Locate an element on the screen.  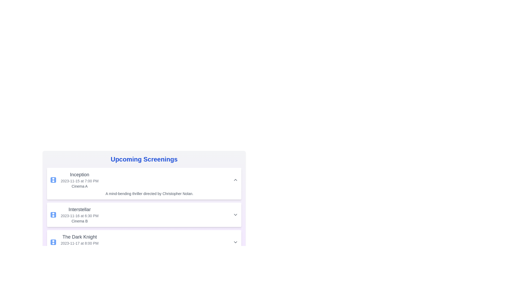
the upward-pointing chevron icon, which is dark gray and located on the extreme right of the first block of movie screenings, aligned with the details for 'Inception 2023-11-15 at 7:00 PM Cinema A' is located at coordinates (235, 180).